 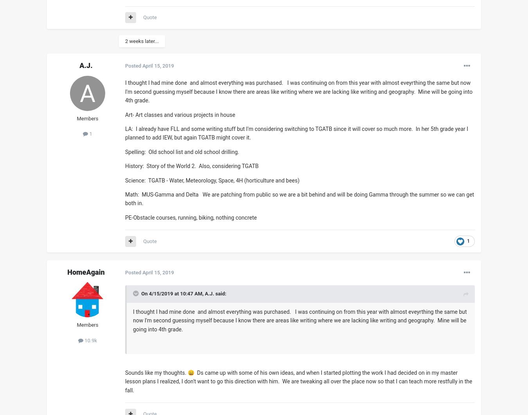 What do you see at coordinates (124, 166) in the screenshot?
I see `'History:  Story of the World 2.  Also, considering TGATB'` at bounding box center [124, 166].